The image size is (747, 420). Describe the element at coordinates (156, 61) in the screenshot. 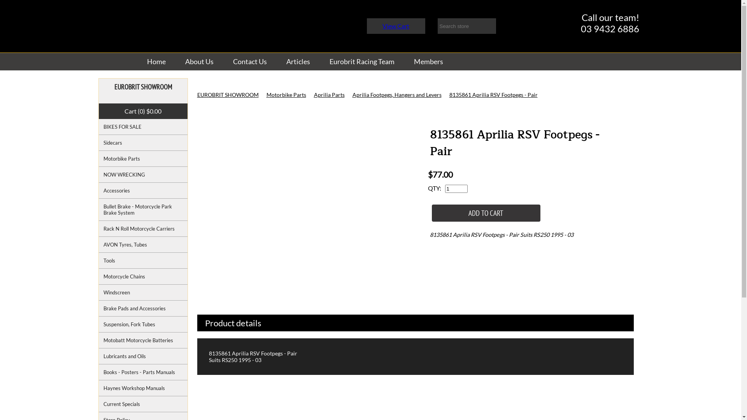

I see `'Home'` at that location.